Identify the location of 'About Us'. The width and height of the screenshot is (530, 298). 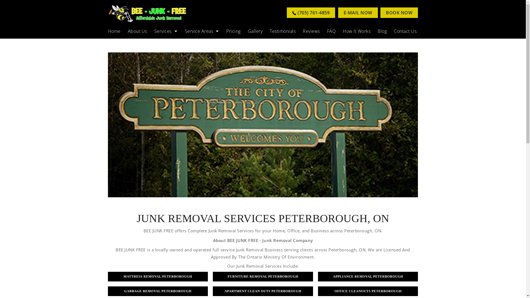
(124, 31).